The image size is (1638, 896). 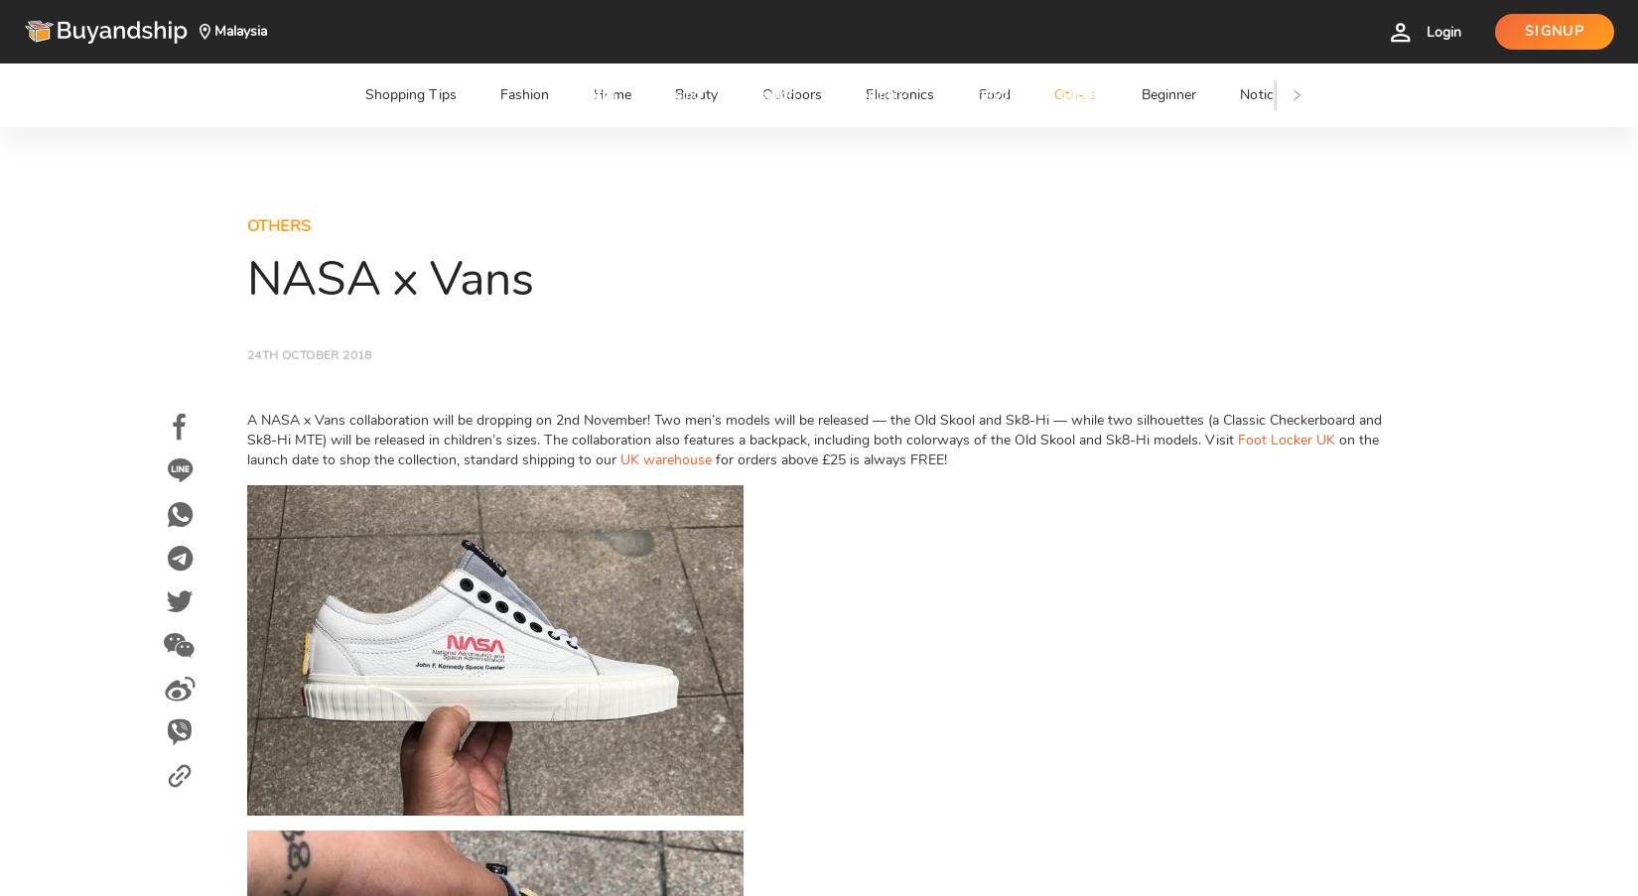 I want to click on 'Tutorial', so click(x=782, y=30).